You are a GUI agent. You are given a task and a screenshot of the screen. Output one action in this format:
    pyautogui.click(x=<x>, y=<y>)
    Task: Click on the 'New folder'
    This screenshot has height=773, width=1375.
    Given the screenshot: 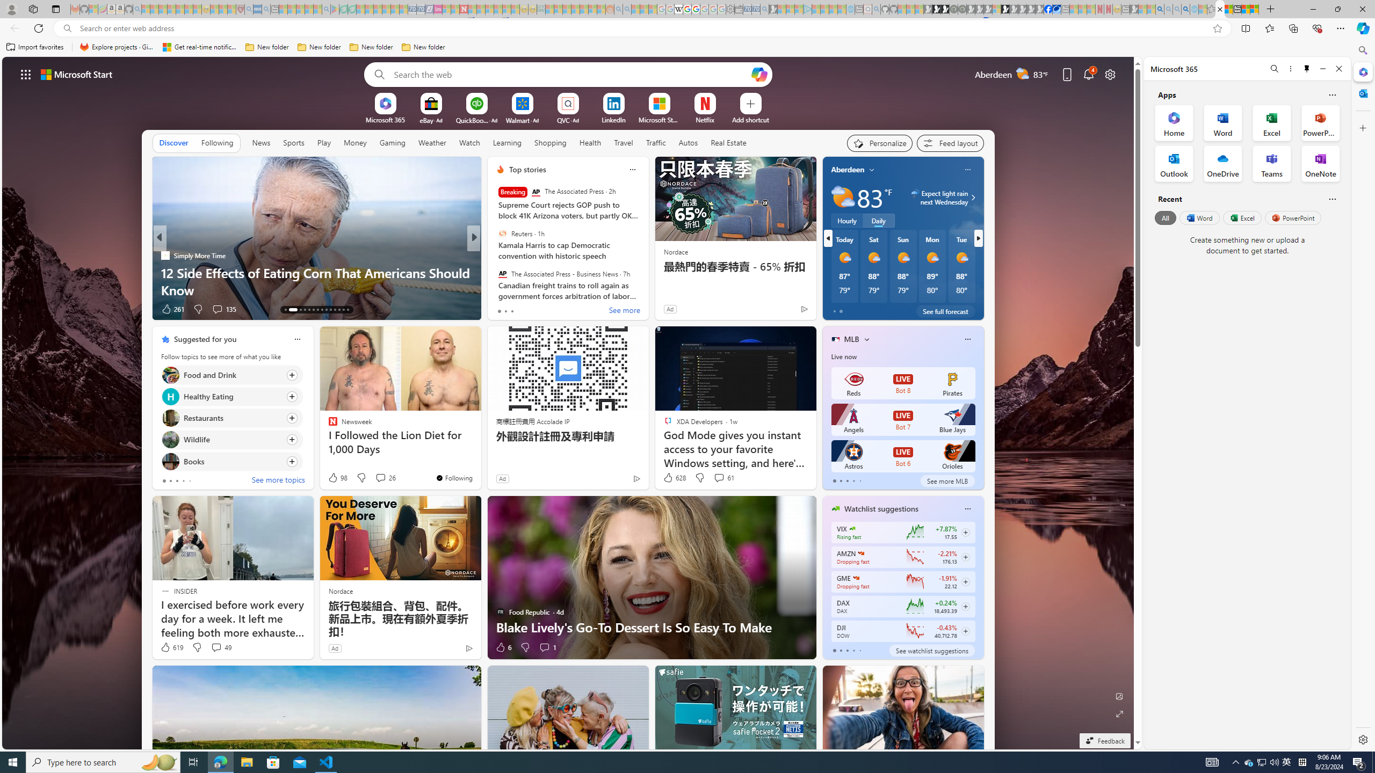 What is the action you would take?
    pyautogui.click(x=423, y=47)
    